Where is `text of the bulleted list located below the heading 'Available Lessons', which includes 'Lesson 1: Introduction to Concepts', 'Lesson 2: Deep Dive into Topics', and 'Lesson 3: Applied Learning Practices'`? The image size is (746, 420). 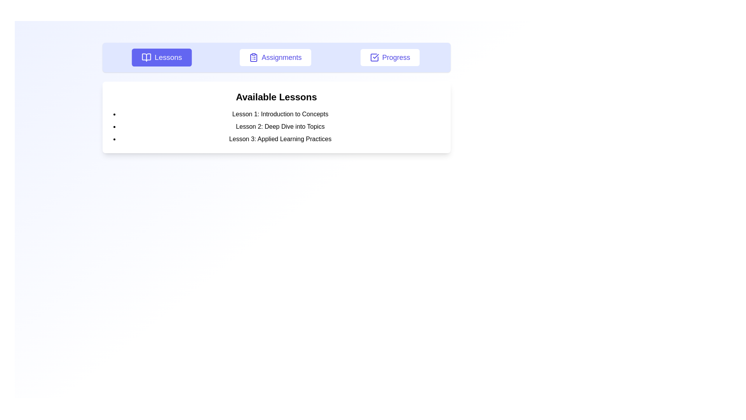
text of the bulleted list located below the heading 'Available Lessons', which includes 'Lesson 1: Introduction to Concepts', 'Lesson 2: Deep Dive into Topics', and 'Lesson 3: Applied Learning Practices' is located at coordinates (276, 126).